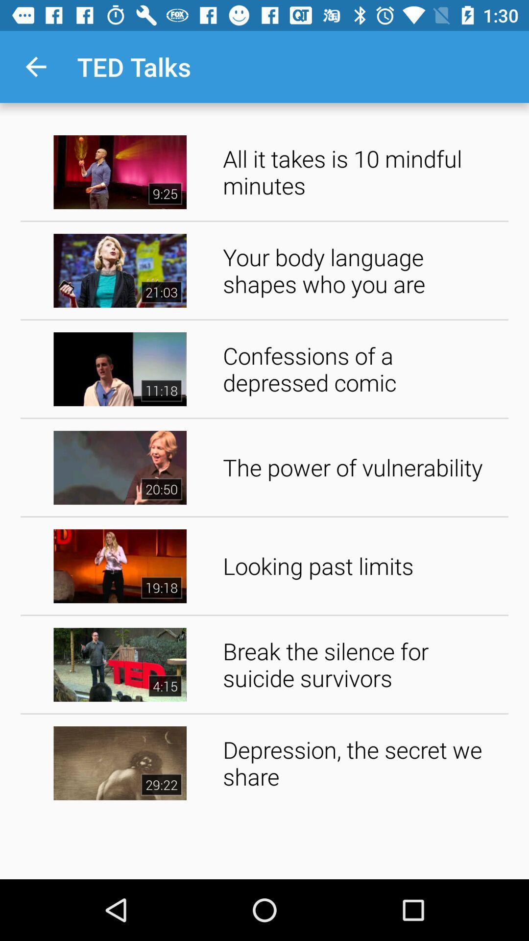 The width and height of the screenshot is (529, 941). What do you see at coordinates (362, 762) in the screenshot?
I see `depression the secret app` at bounding box center [362, 762].